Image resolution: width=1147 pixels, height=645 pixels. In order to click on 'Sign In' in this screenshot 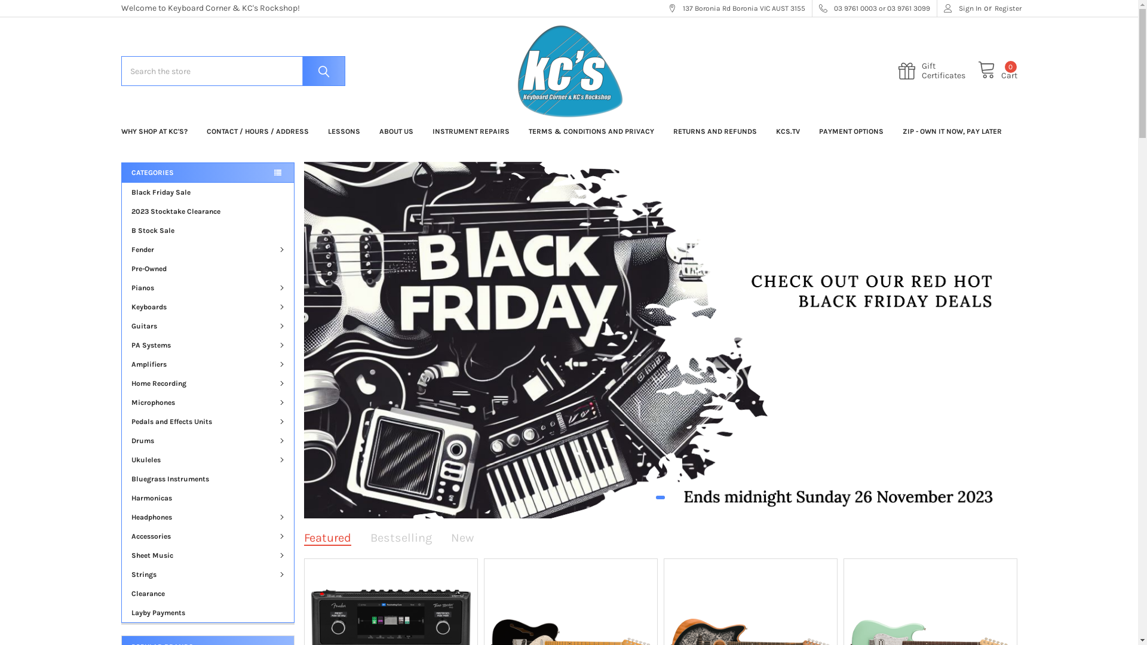, I will do `click(962, 8)`.